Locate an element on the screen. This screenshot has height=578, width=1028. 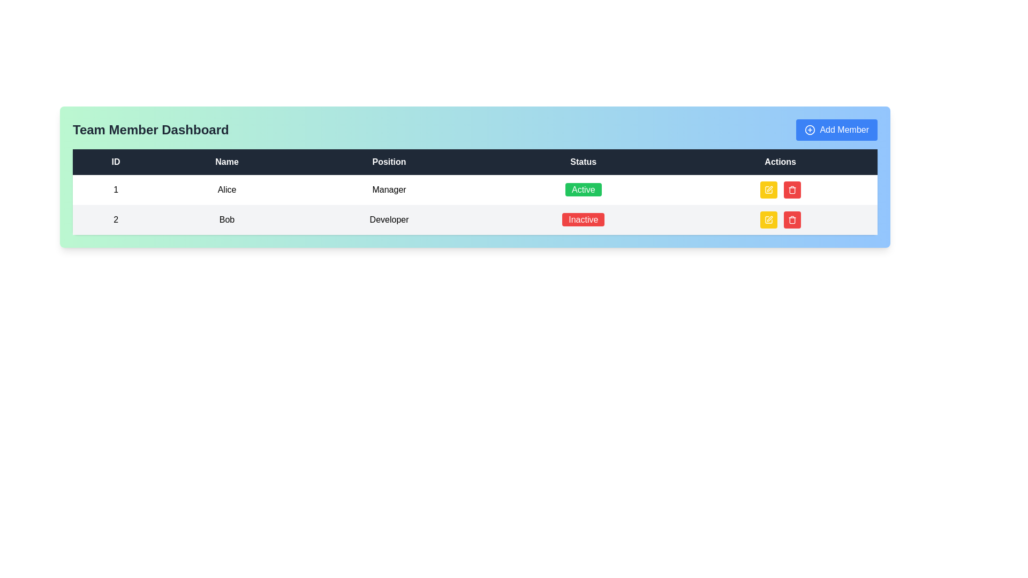
the edit IconButton located in the 'Actions' column of the second row of the table is located at coordinates (768, 189).